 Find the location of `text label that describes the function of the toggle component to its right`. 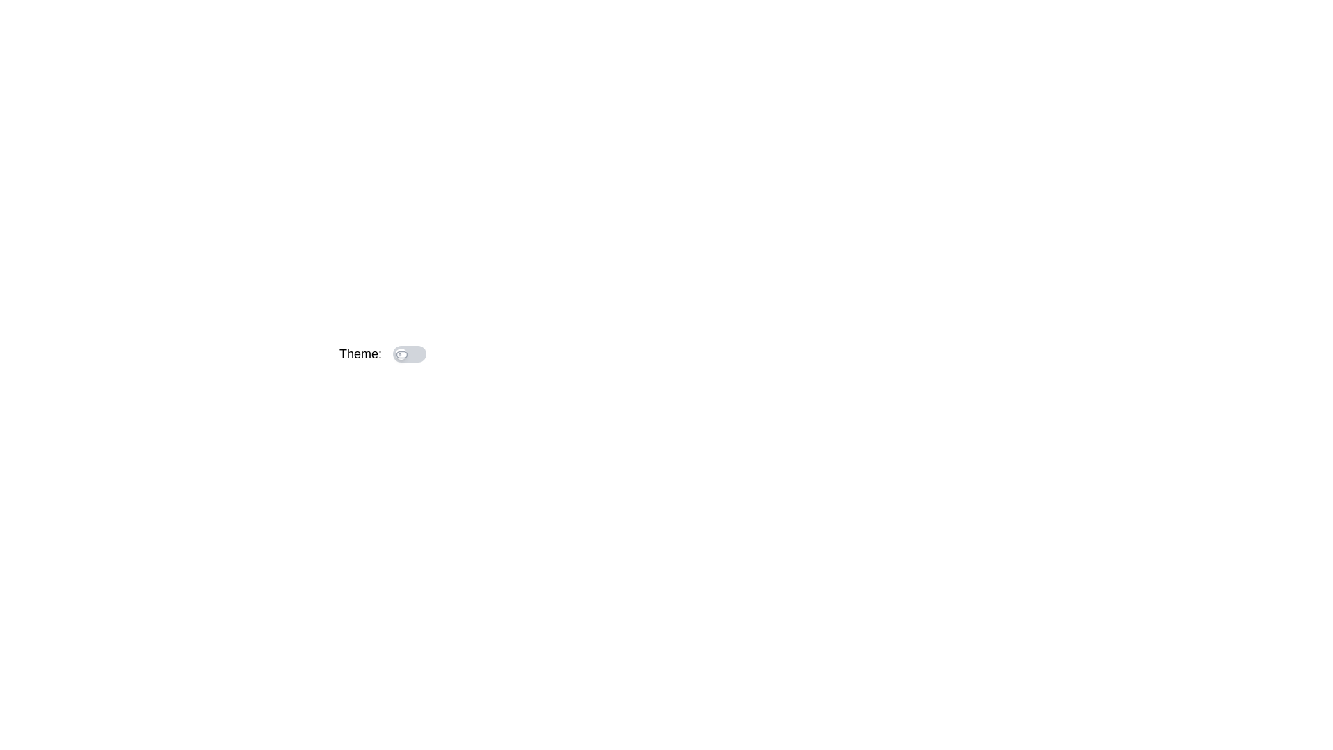

text label that describes the function of the toggle component to its right is located at coordinates (360, 353).